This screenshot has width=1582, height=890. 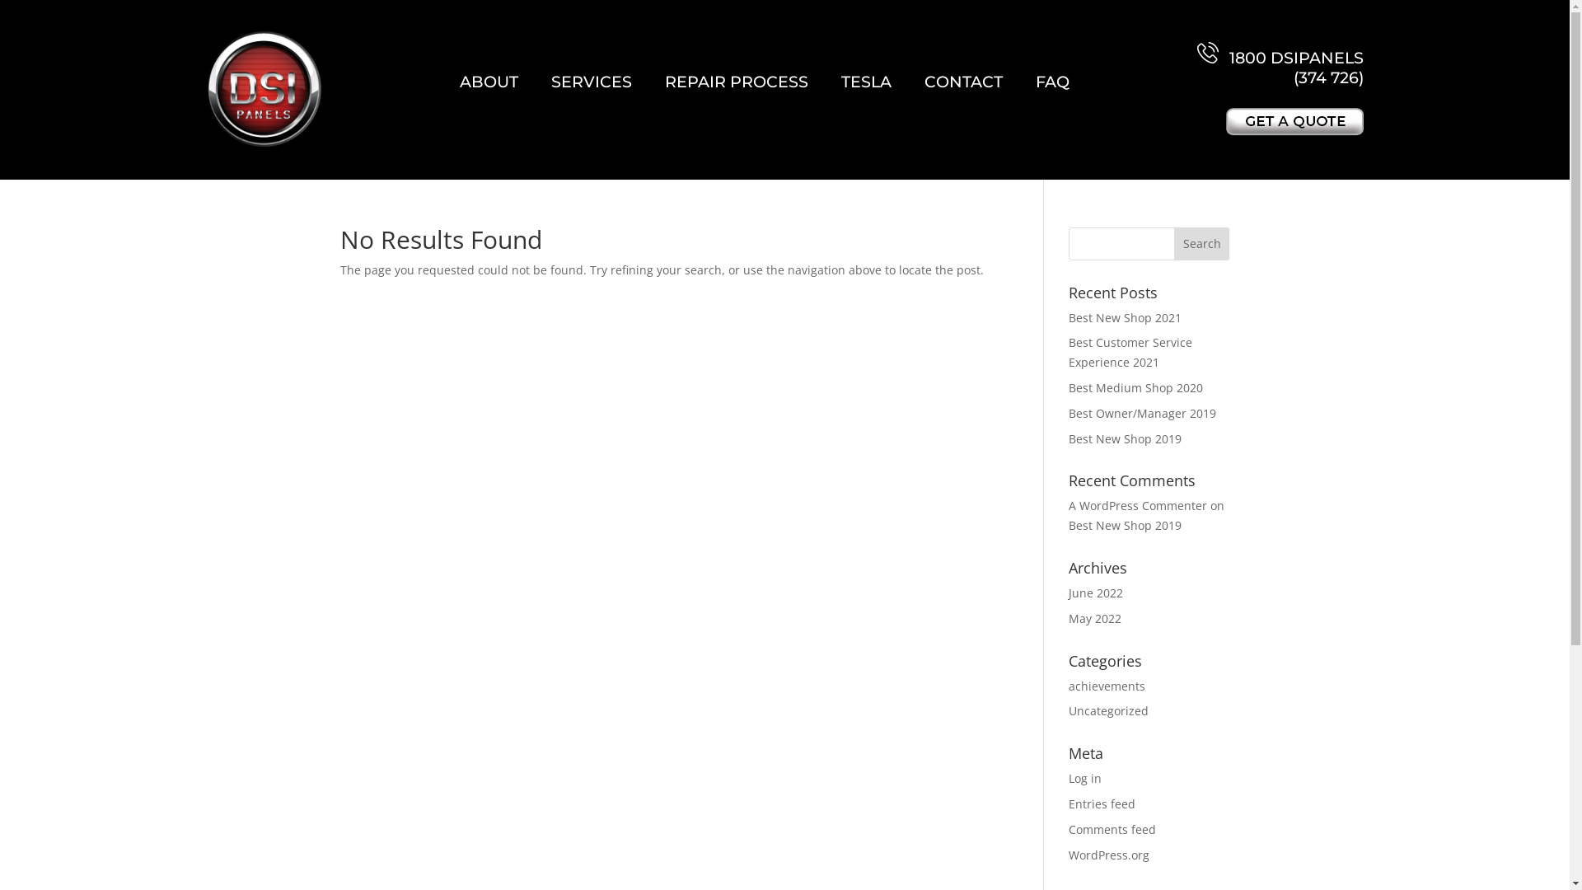 I want to click on 'Best Medium Shop 2020', so click(x=1068, y=387).